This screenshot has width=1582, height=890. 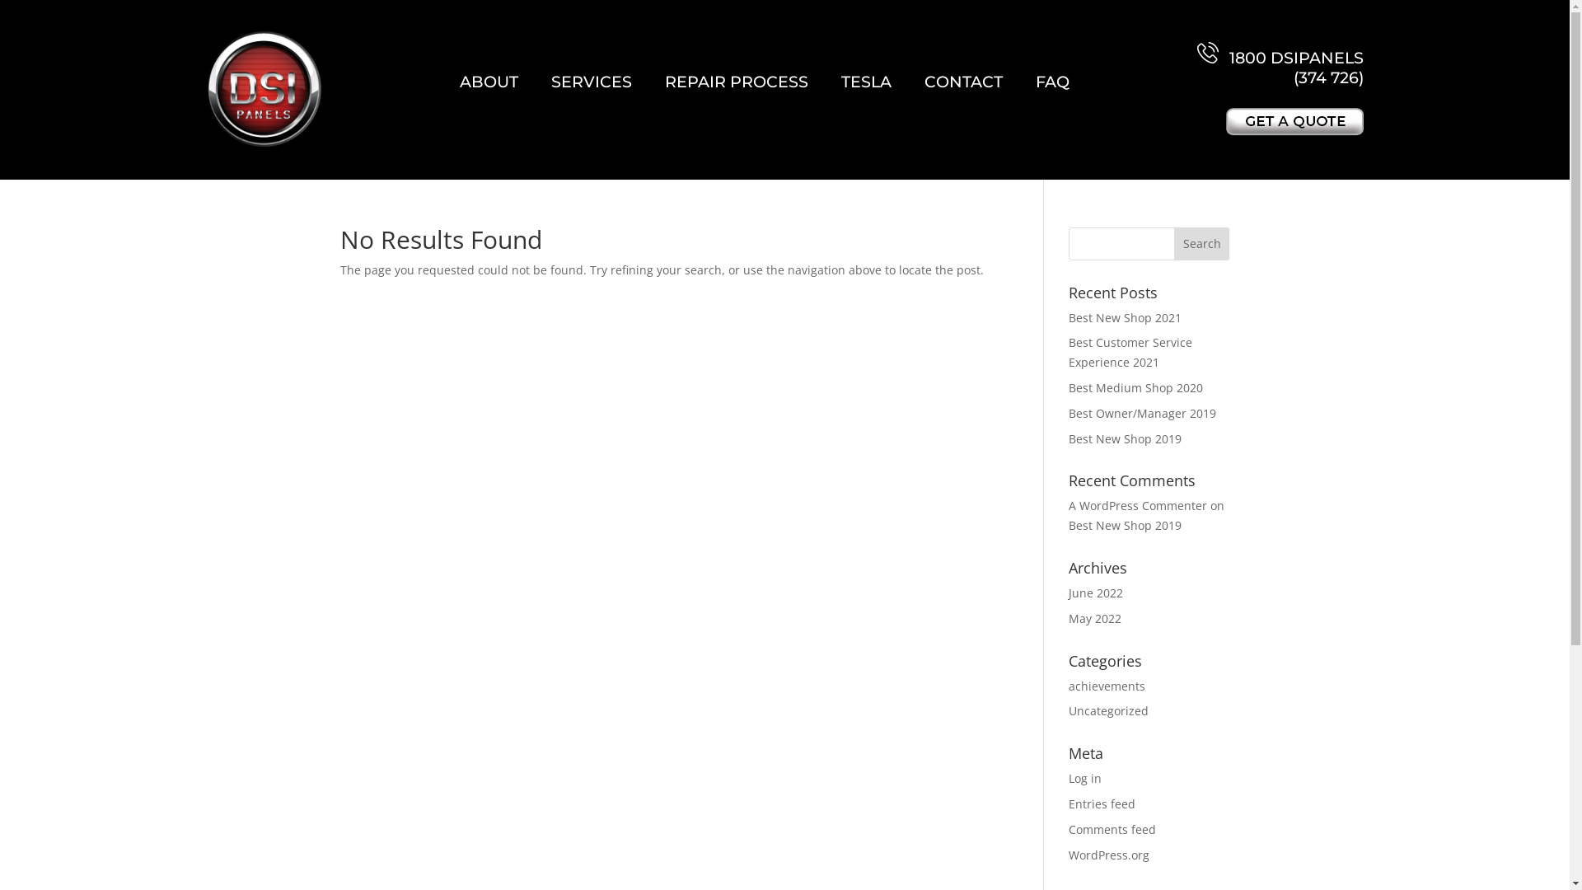 I want to click on 'Best Medium Shop 2020', so click(x=1068, y=387).